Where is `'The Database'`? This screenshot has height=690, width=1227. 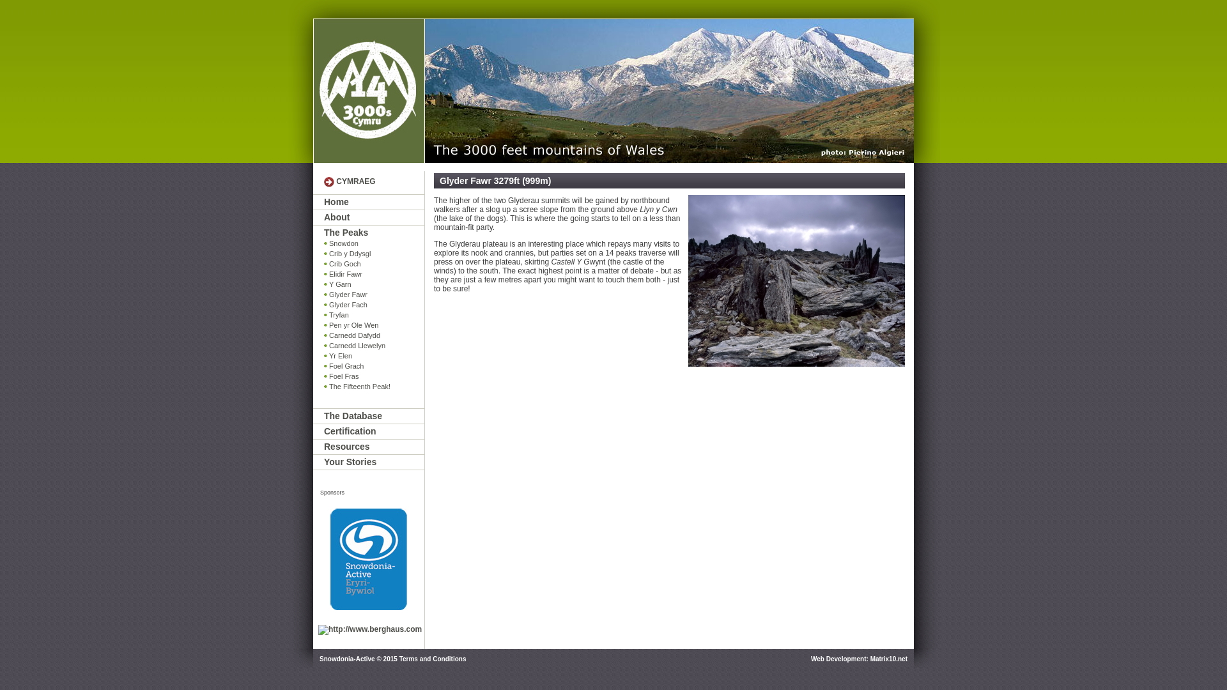
'The Database' is located at coordinates (373, 416).